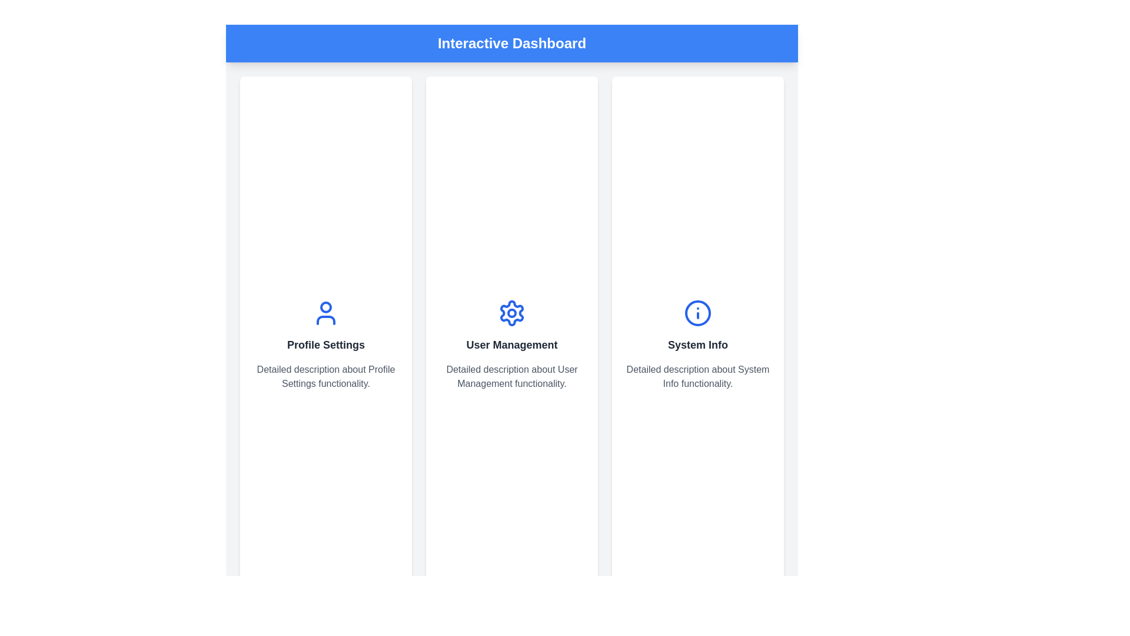 The height and width of the screenshot is (636, 1130). What do you see at coordinates (697, 377) in the screenshot?
I see `the gray-colored text that states 'Detailed description about System Info functionality.' It is positioned within the 'System Info' card, beneath the heading and the blue circular icon` at bounding box center [697, 377].